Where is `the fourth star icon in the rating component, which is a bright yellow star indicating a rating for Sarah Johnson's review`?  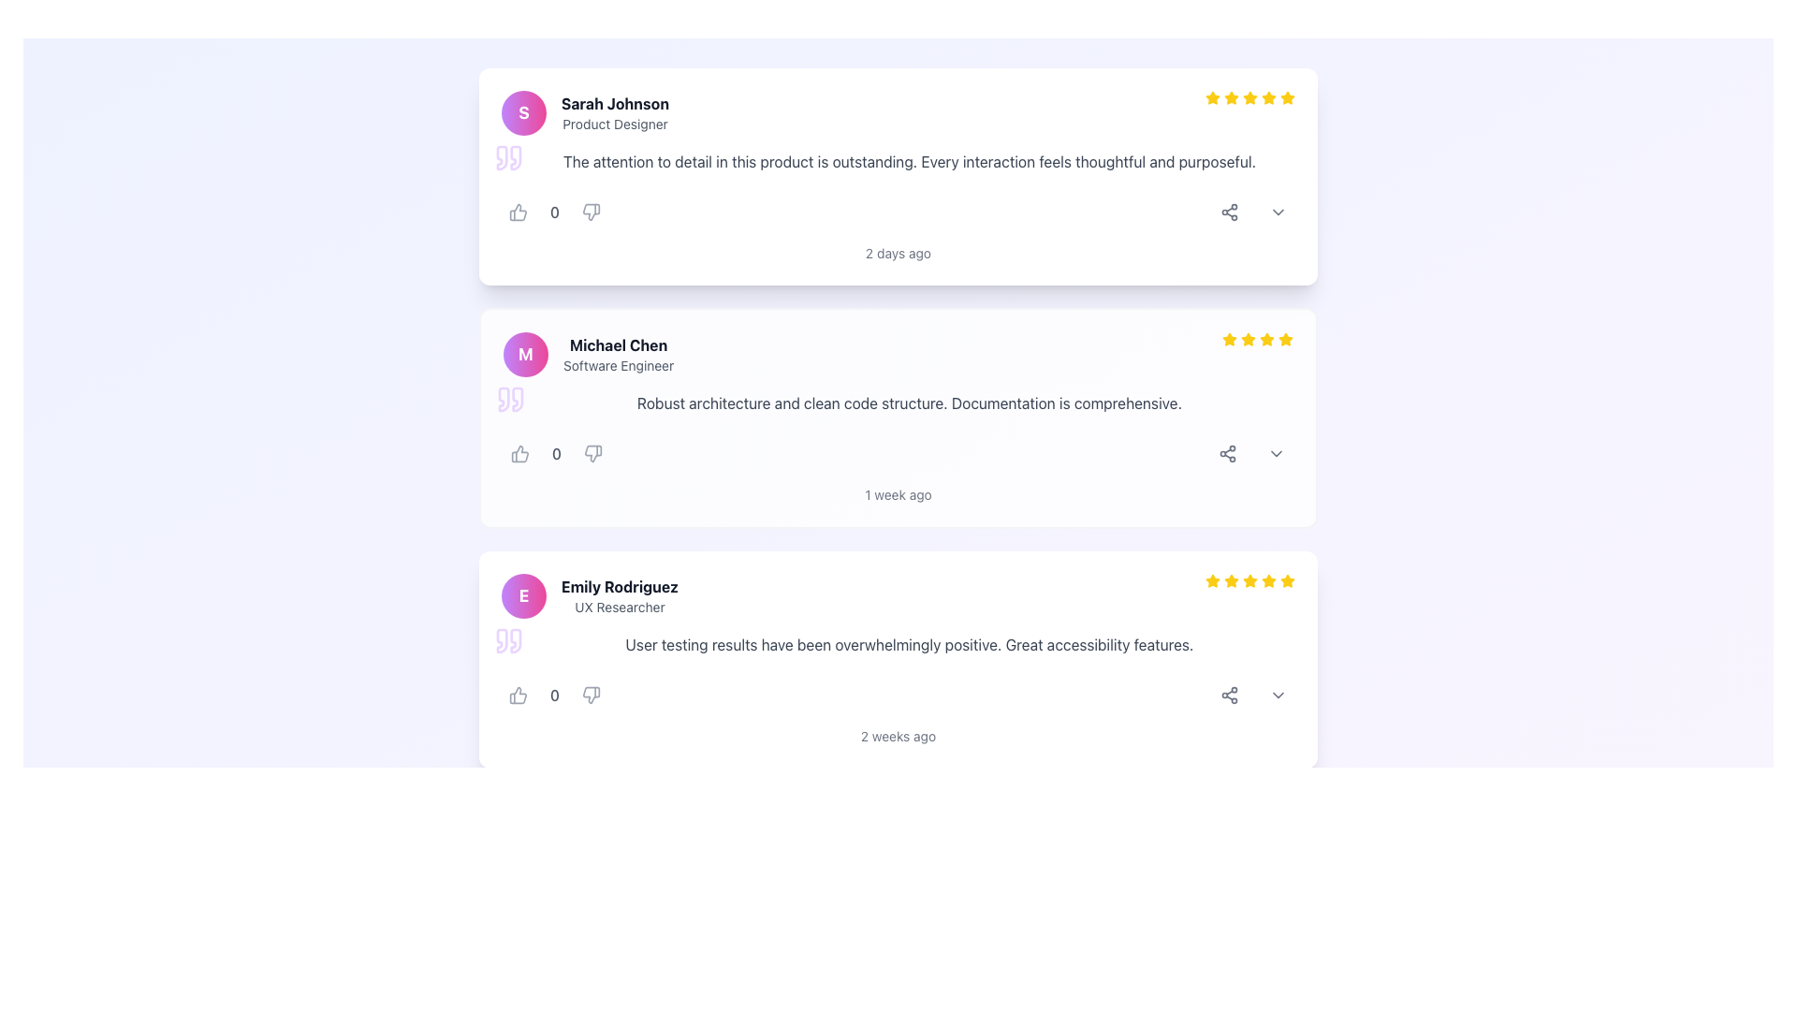
the fourth star icon in the rating component, which is a bright yellow star indicating a rating for Sarah Johnson's review is located at coordinates (1249, 97).